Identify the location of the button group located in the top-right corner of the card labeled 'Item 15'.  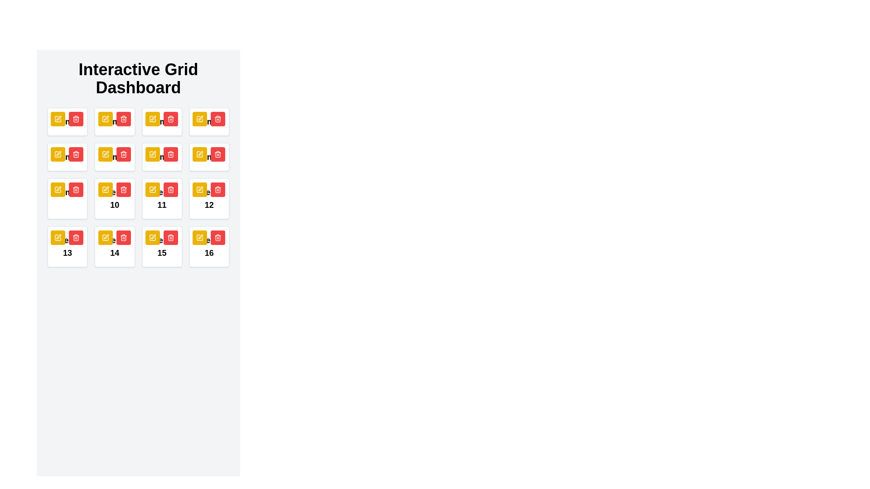
(161, 237).